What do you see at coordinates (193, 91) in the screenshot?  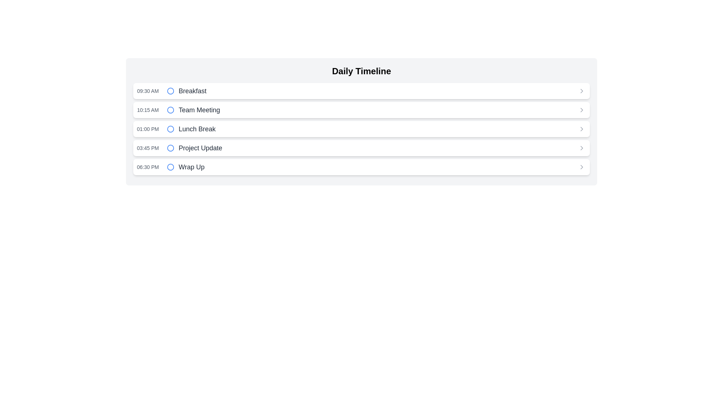 I see `text label for the first timeline entry located to the right of the blue circular icon aligned with '09:30 AM'` at bounding box center [193, 91].